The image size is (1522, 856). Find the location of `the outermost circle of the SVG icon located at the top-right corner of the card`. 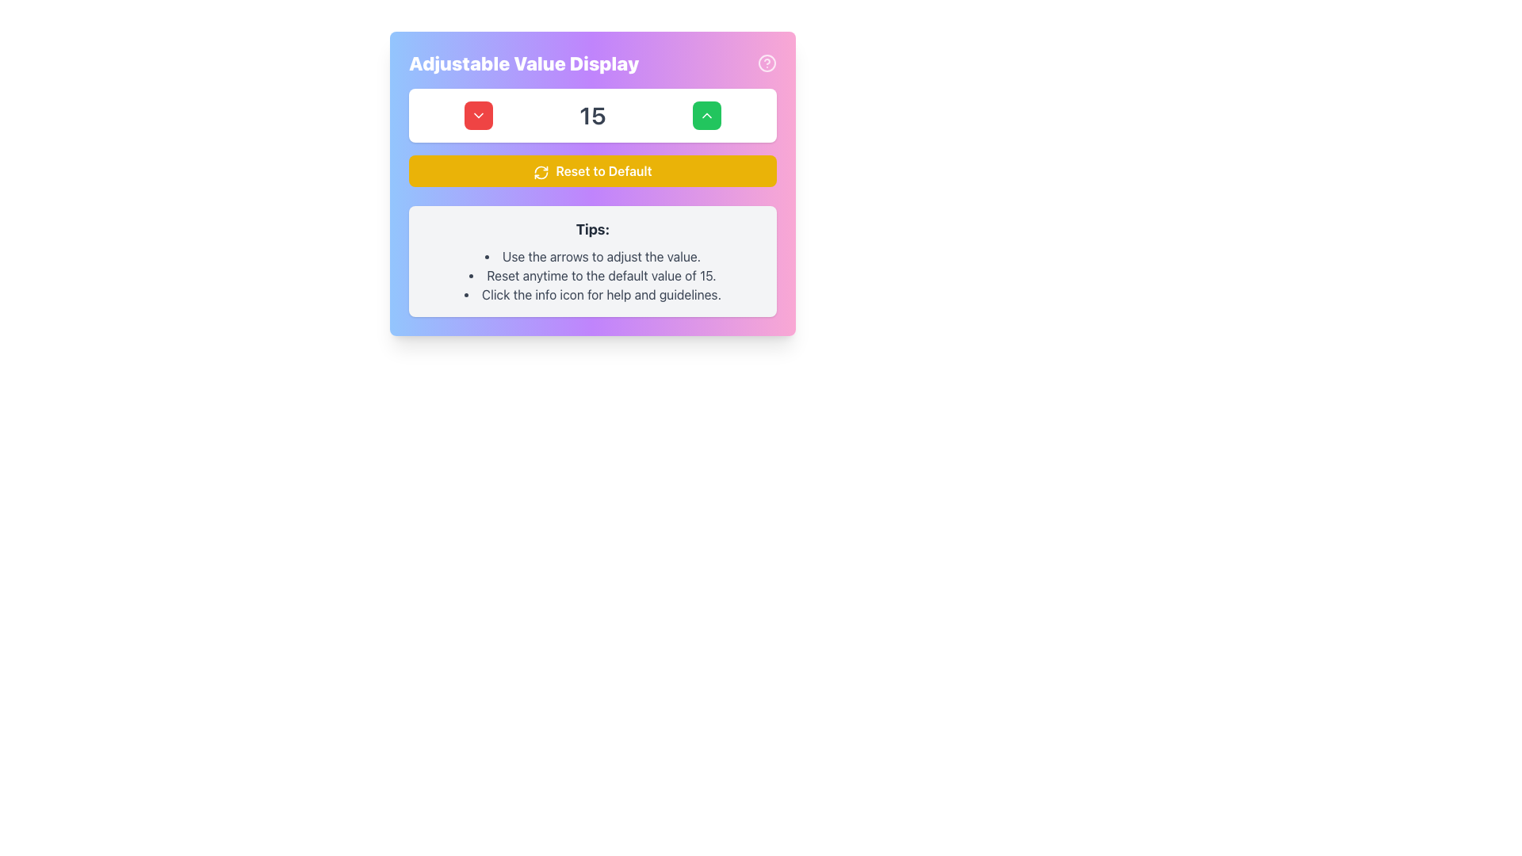

the outermost circle of the SVG icon located at the top-right corner of the card is located at coordinates (767, 63).